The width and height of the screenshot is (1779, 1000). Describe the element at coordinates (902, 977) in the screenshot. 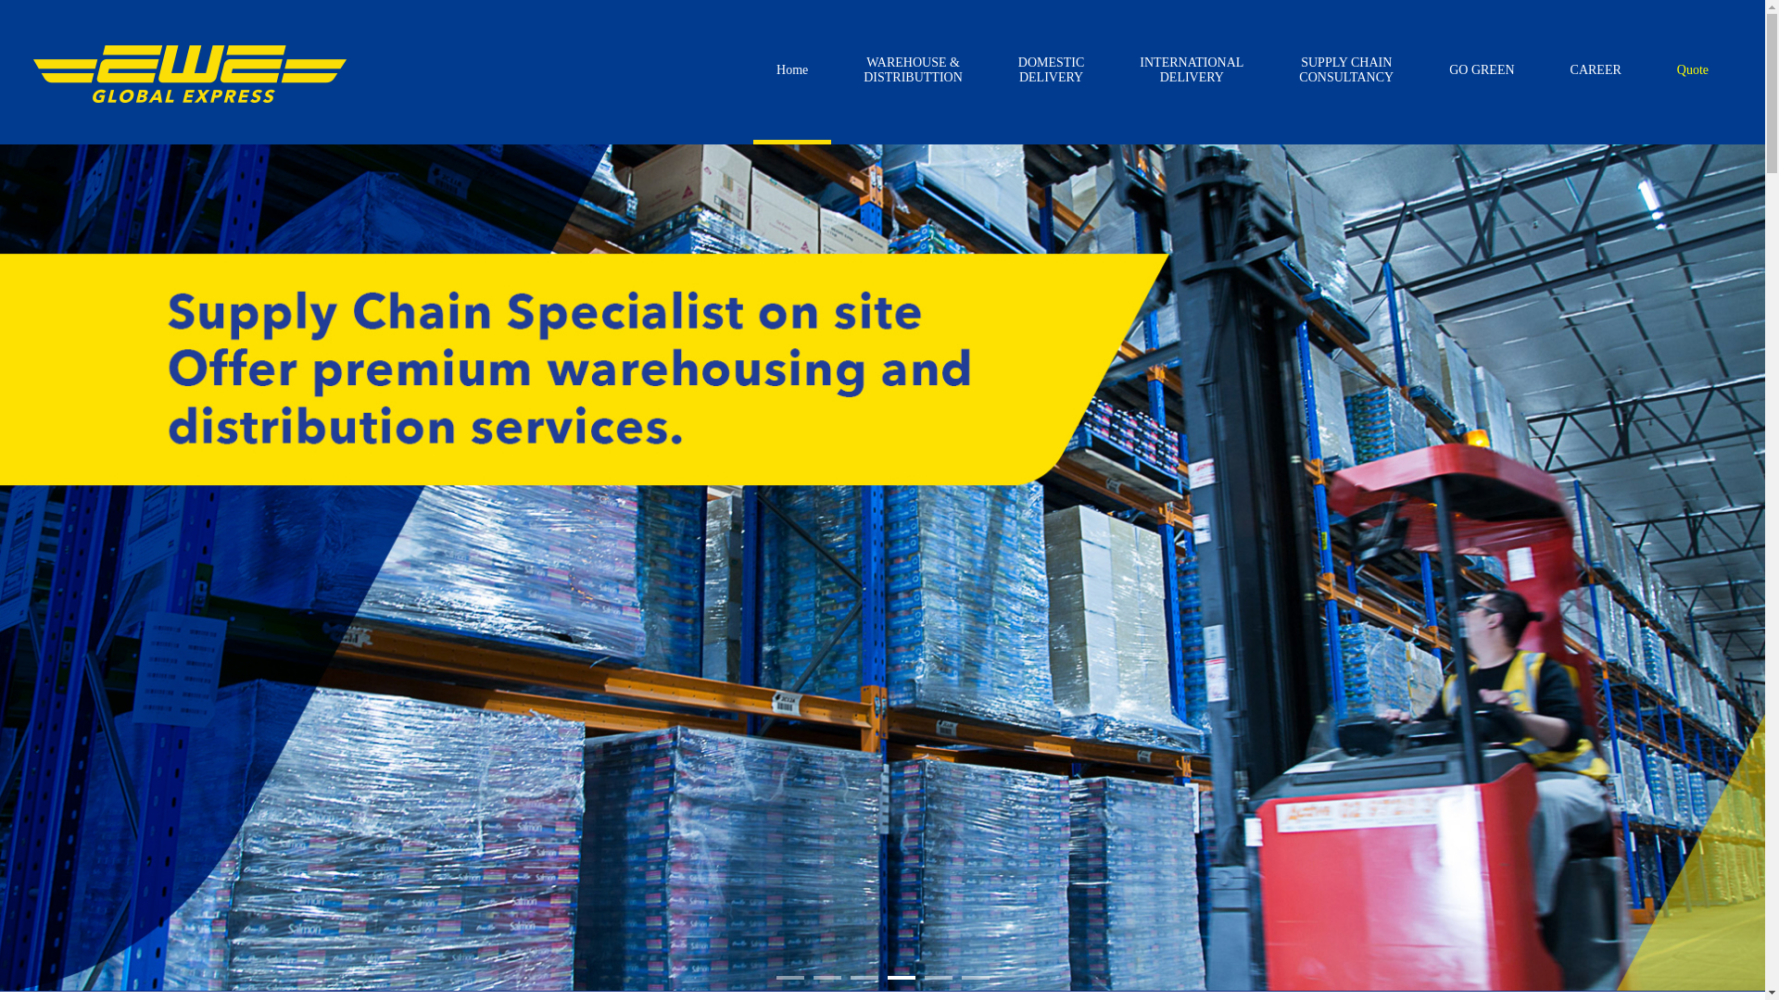

I see `'4'` at that location.